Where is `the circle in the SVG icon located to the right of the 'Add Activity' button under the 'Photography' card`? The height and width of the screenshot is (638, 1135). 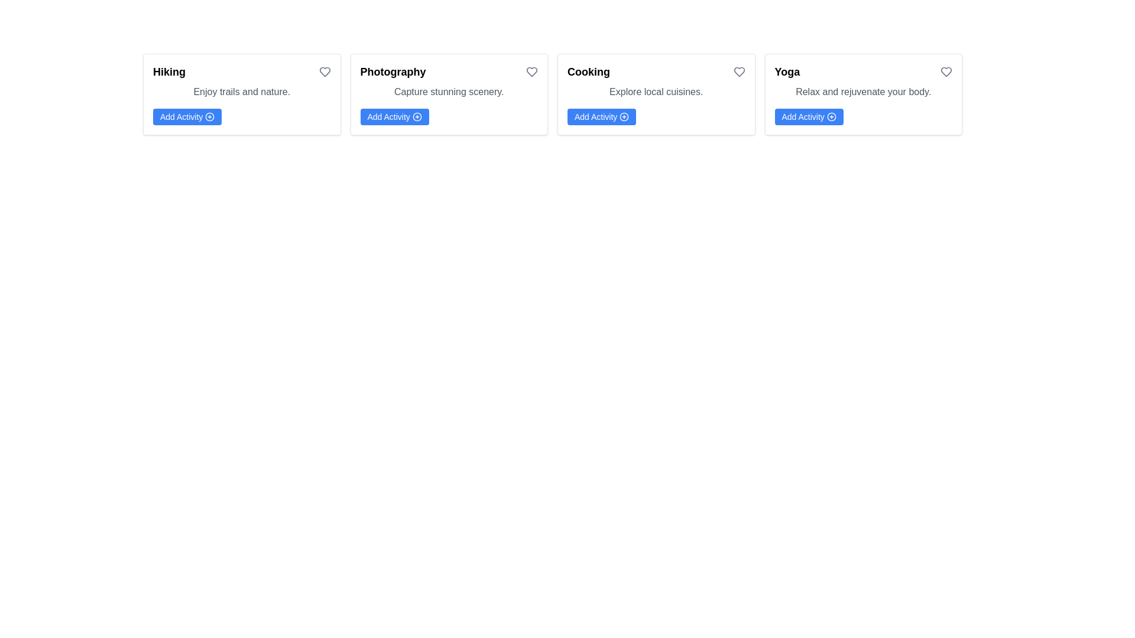 the circle in the SVG icon located to the right of the 'Add Activity' button under the 'Photography' card is located at coordinates (417, 116).